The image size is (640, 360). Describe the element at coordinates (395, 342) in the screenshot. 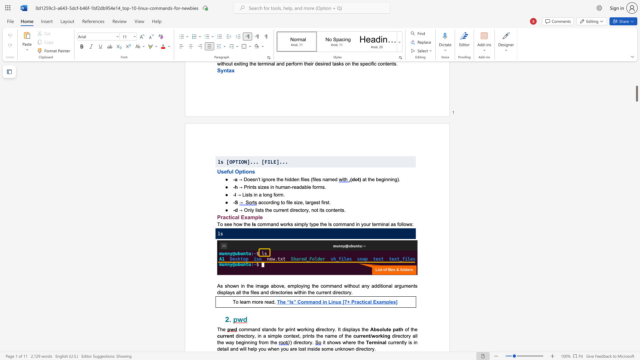

I see `the subset text "rently is in detail and will help you wh" within the text "currently is in detail and will help you when you are lost inside some unknown directory."` at that location.